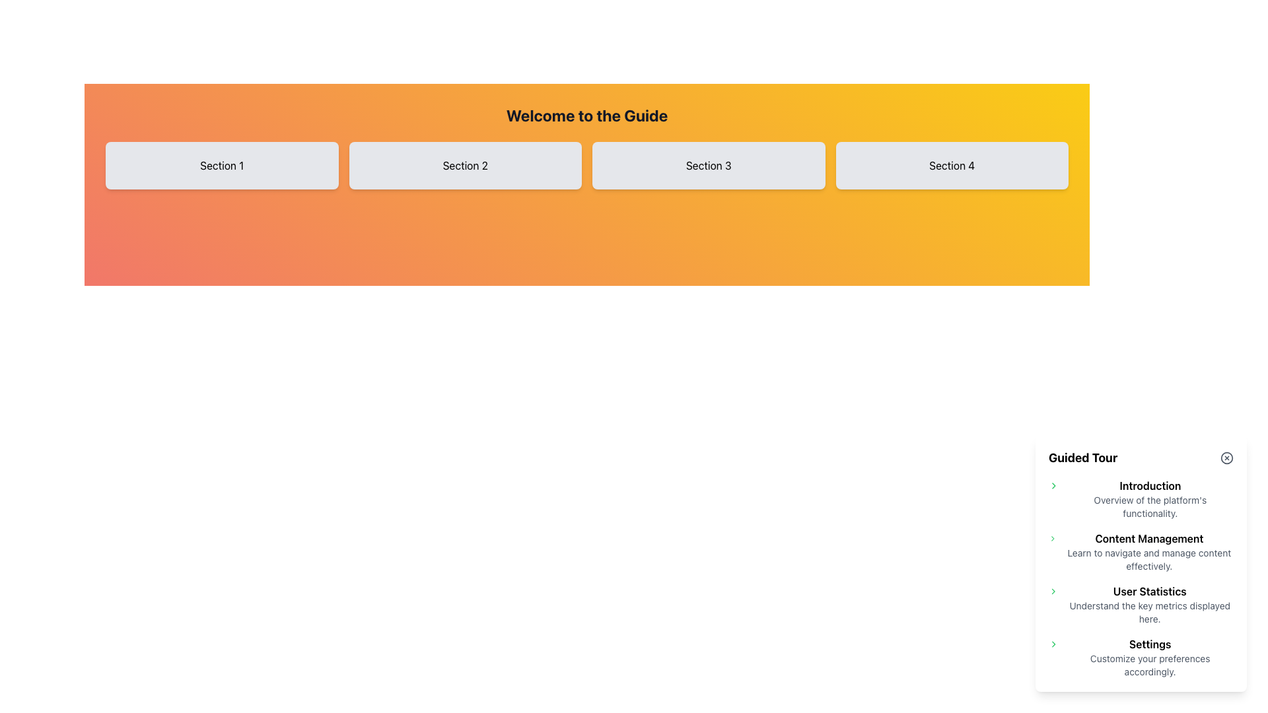  What do you see at coordinates (1226, 458) in the screenshot?
I see `the SVG Circle located in the bottom-right corner of the interface, next to the 'Guided Tour' text, which is part of an icon with a diagonal cross line` at bounding box center [1226, 458].